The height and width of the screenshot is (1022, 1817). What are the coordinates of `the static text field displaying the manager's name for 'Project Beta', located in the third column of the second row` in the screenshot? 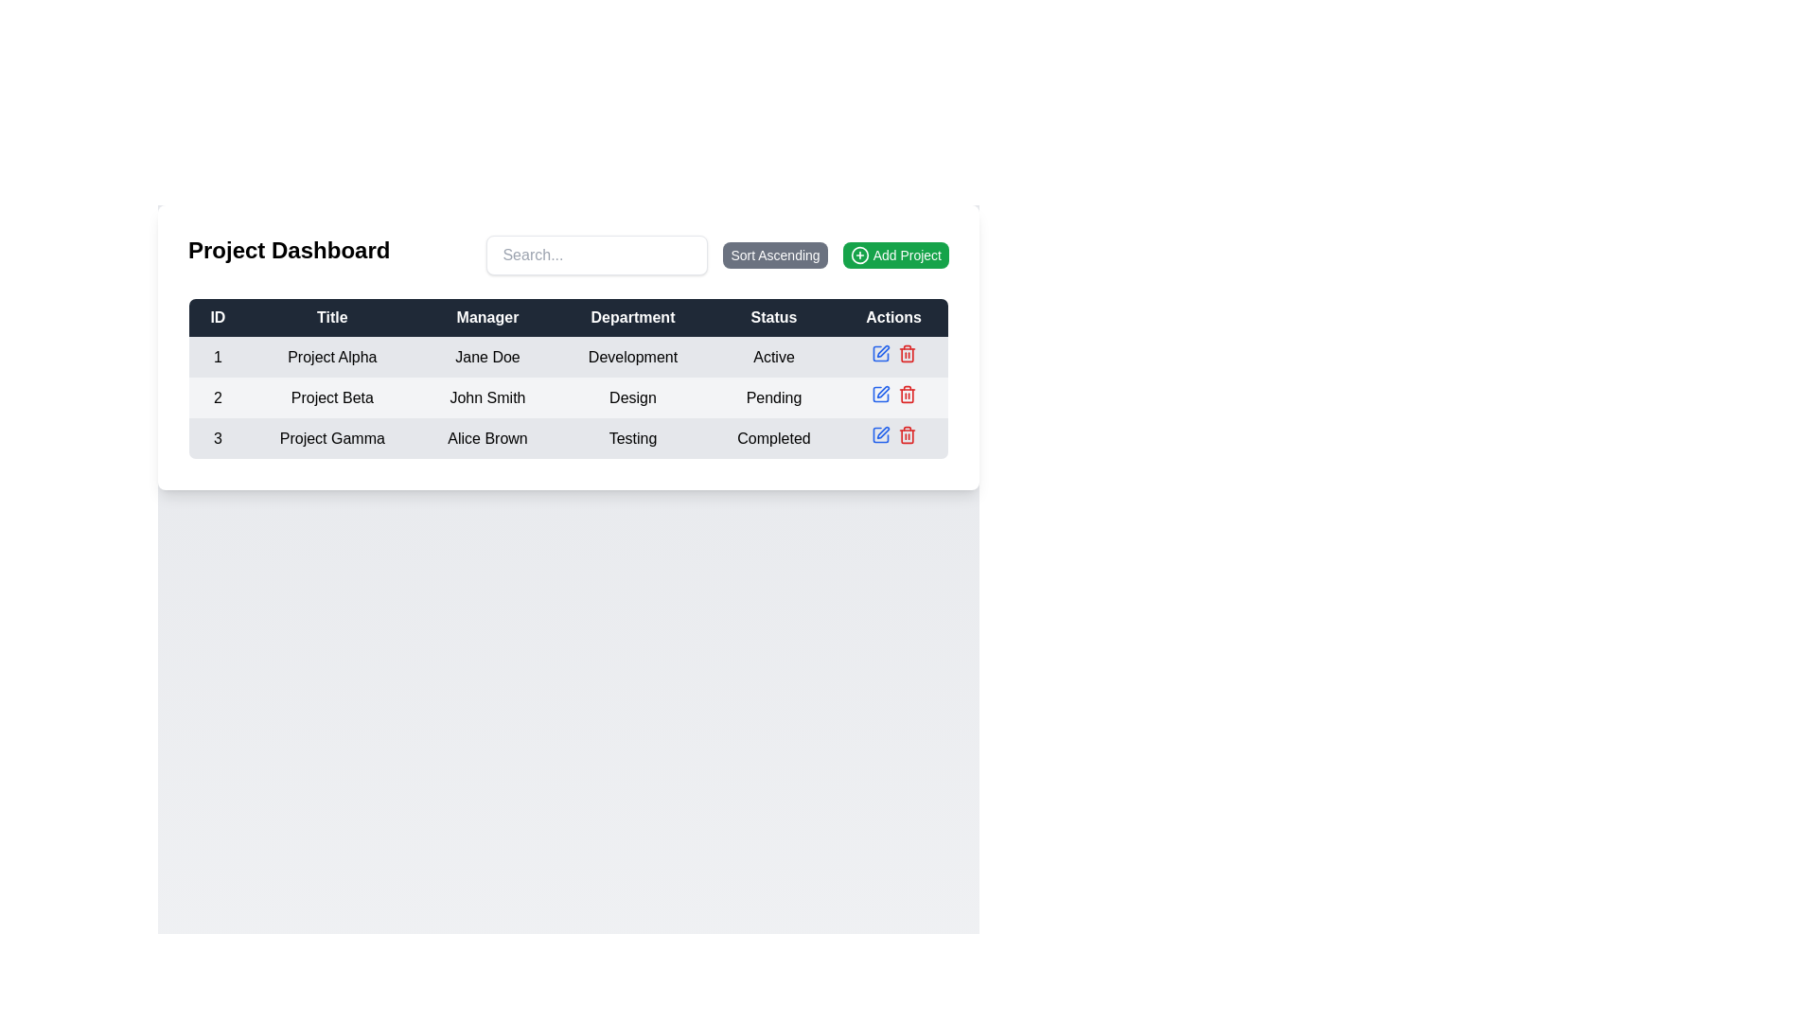 It's located at (487, 396).